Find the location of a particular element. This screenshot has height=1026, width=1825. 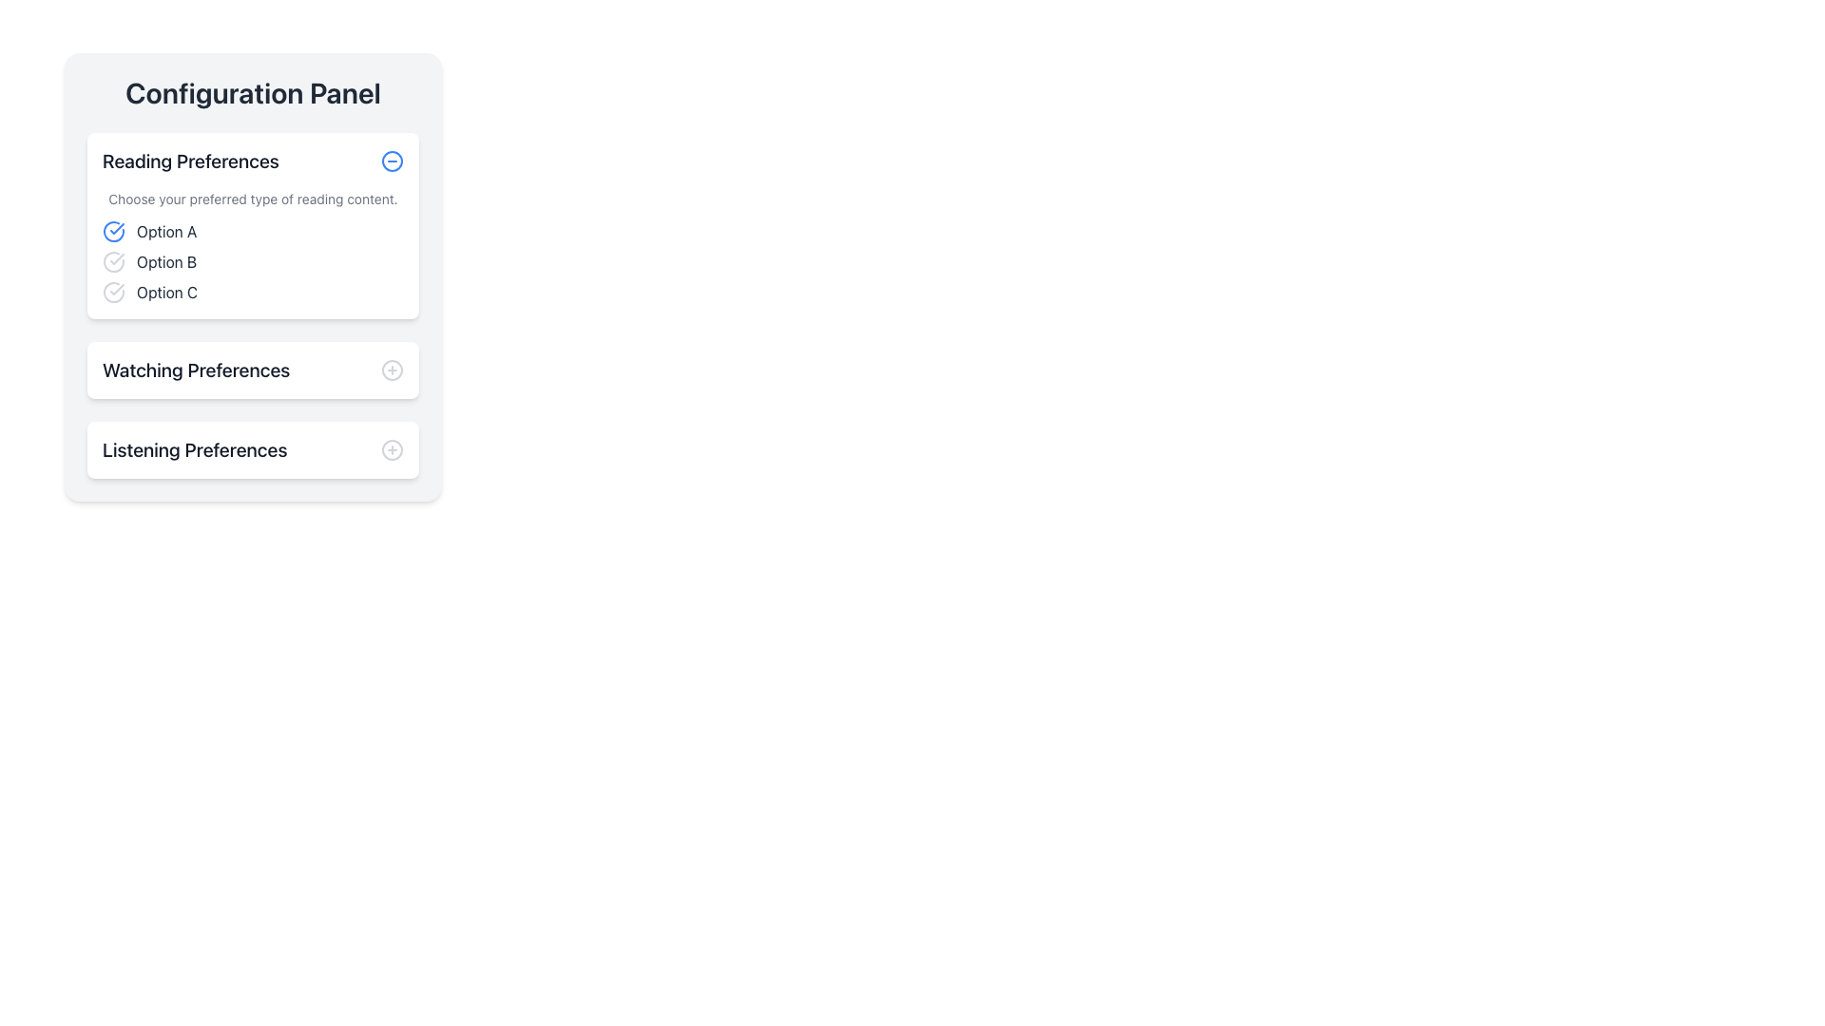

the text label displaying 'Option B' is located at coordinates (166, 262).